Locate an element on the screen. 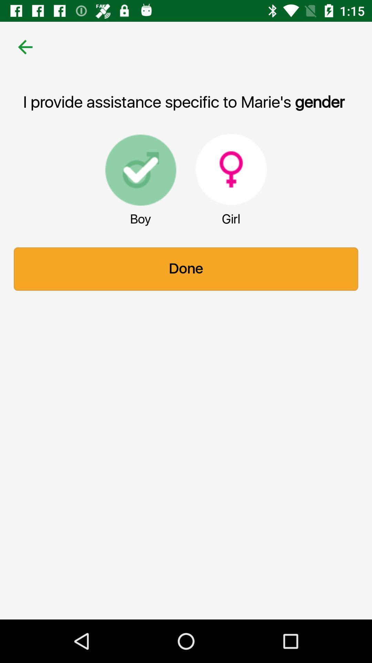 This screenshot has width=372, height=663. the item below boy is located at coordinates (186, 269).